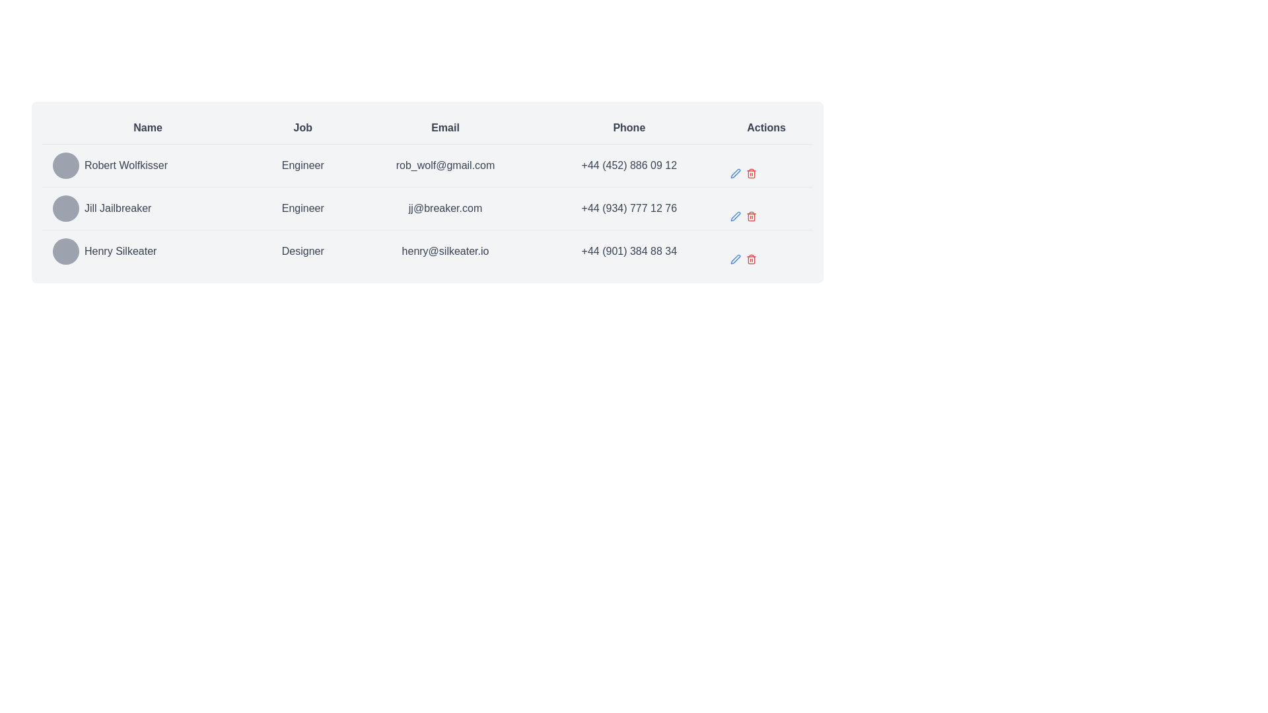 The height and width of the screenshot is (713, 1268). I want to click on the 'Phone' label, which is a bold text header in a light gray background cell, located as the fourth column header in a structured table interface, so click(628, 128).